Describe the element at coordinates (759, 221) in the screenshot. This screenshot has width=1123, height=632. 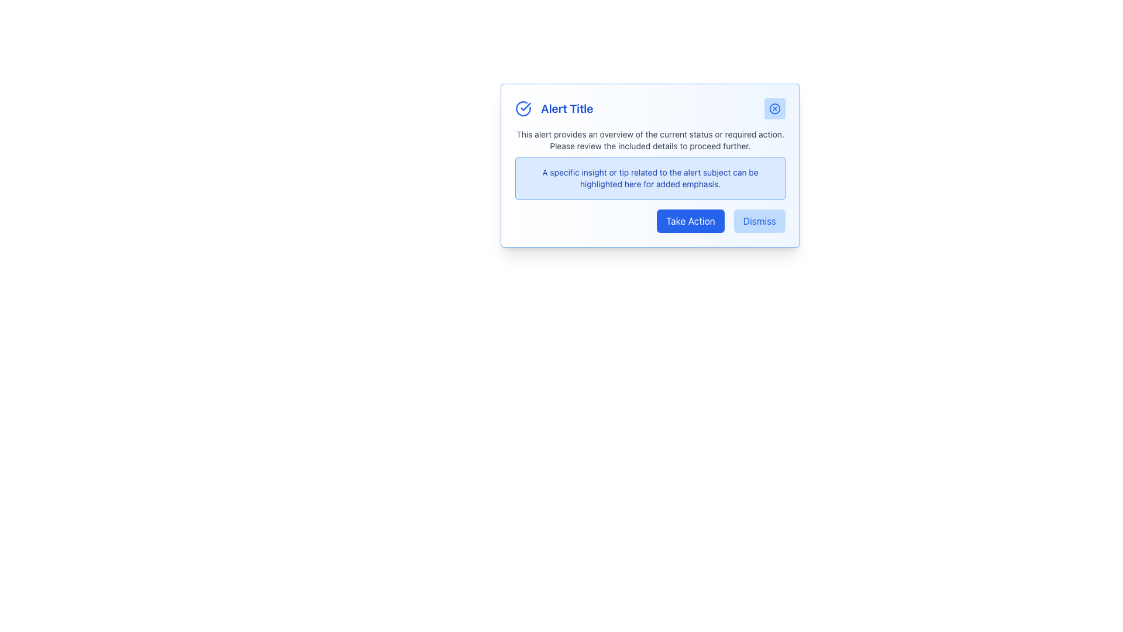
I see `the 'Dismiss' button, which is a rectangular button with rounded corners, located at the bottom-right of the notification card` at that location.